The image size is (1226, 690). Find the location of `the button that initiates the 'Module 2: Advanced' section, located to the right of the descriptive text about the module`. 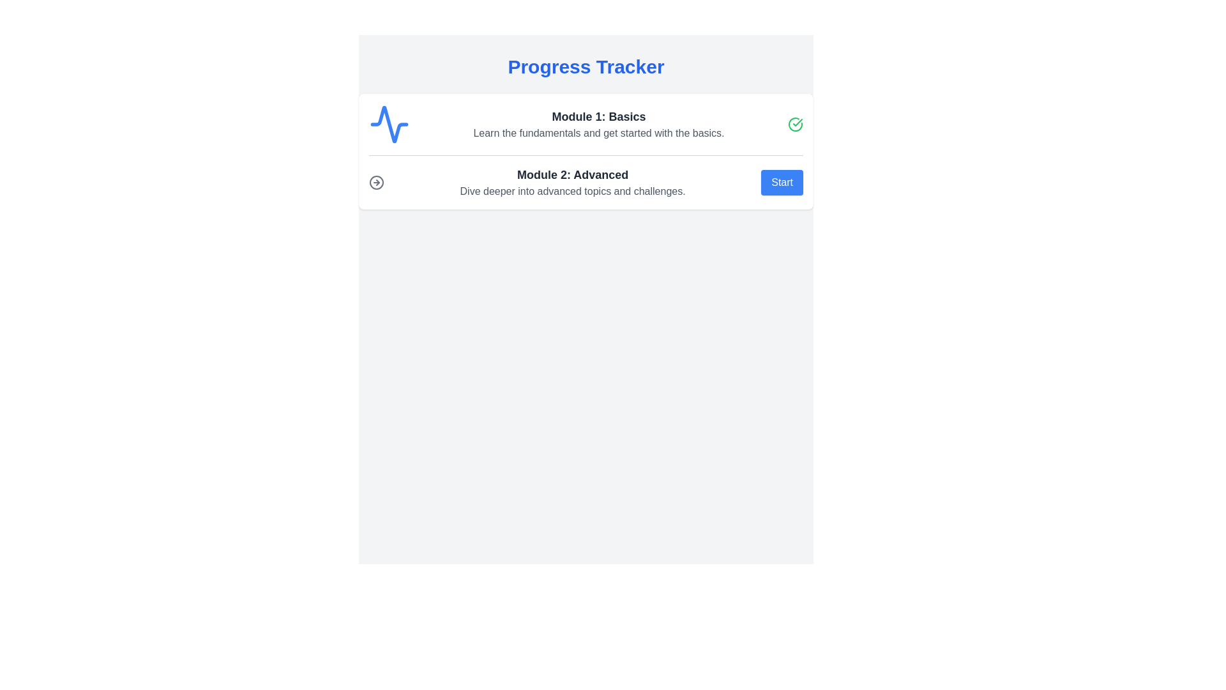

the button that initiates the 'Module 2: Advanced' section, located to the right of the descriptive text about the module is located at coordinates (782, 182).